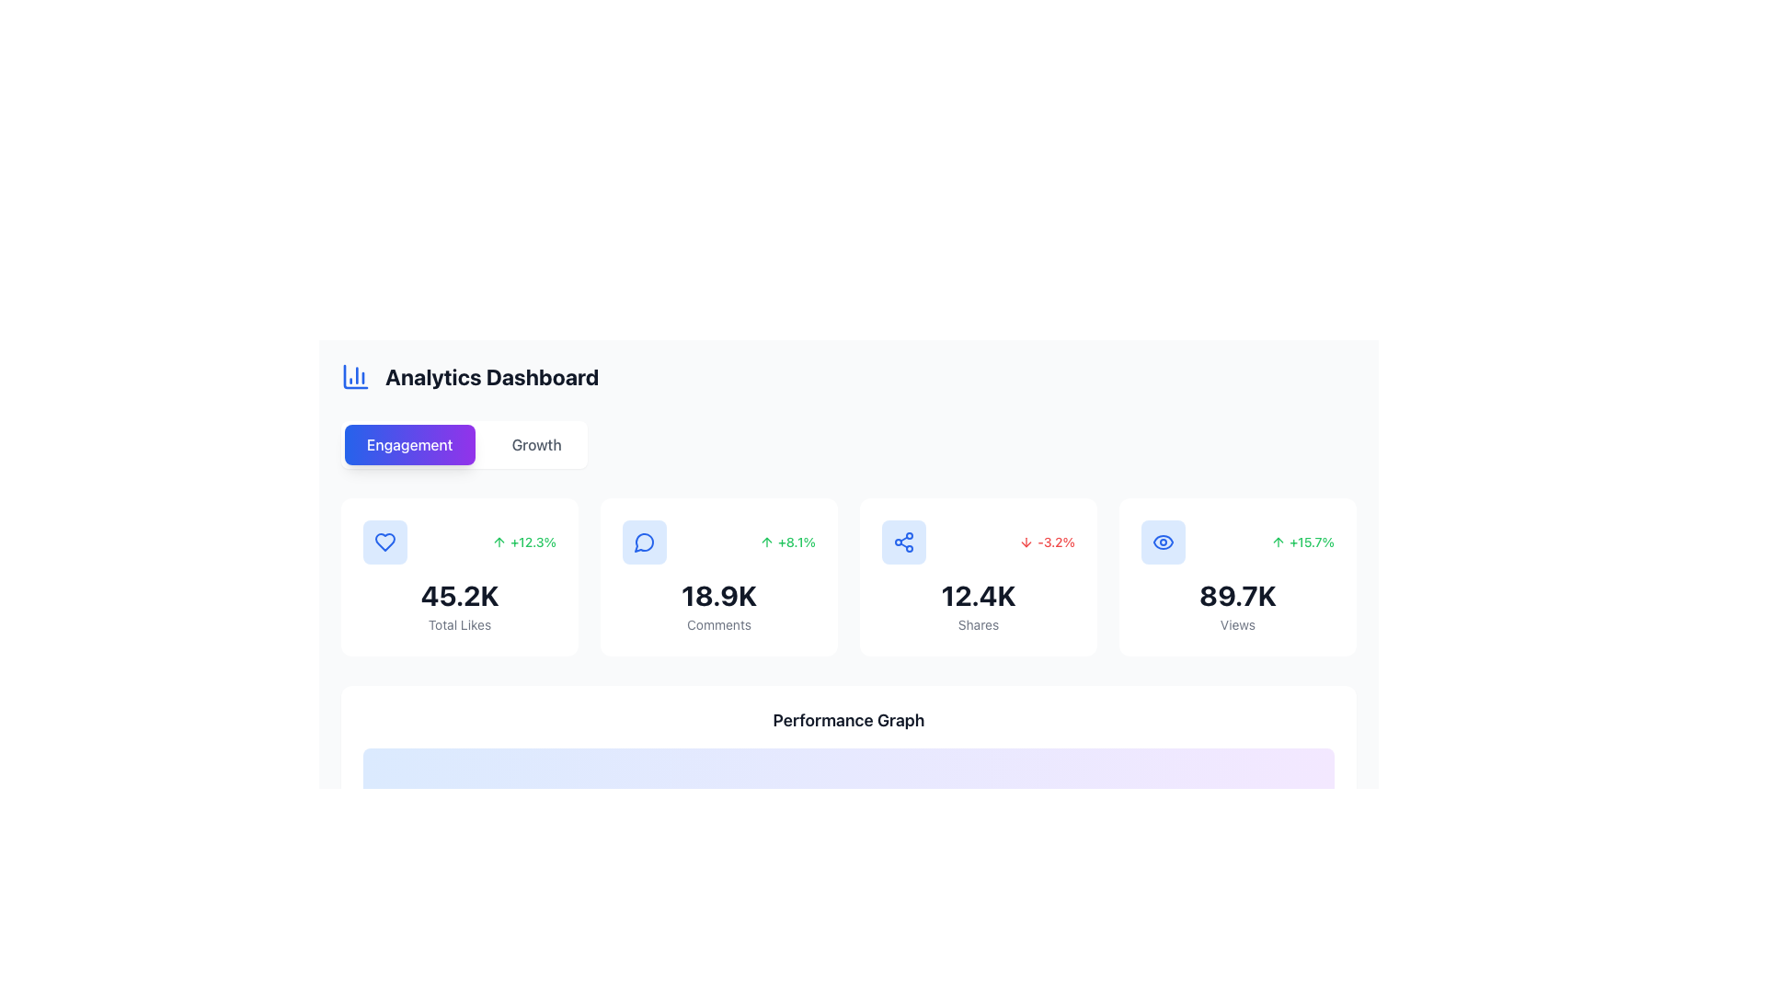 This screenshot has height=993, width=1766. What do you see at coordinates (1047, 542) in the screenshot?
I see `percentage change displayed in the Text label with an icon indicating a decrease in the 'Shares' metric, located beneath the corresponding icon in the 'Shares' card` at bounding box center [1047, 542].